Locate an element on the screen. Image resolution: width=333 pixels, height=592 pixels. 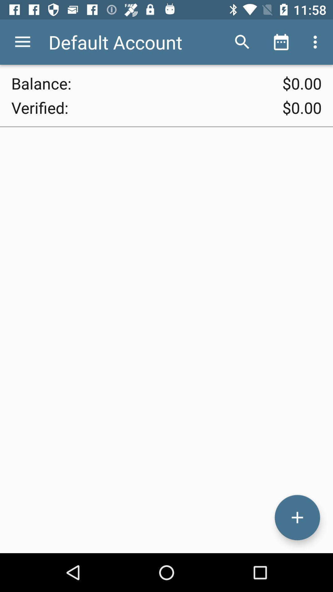
the add icon is located at coordinates (297, 517).